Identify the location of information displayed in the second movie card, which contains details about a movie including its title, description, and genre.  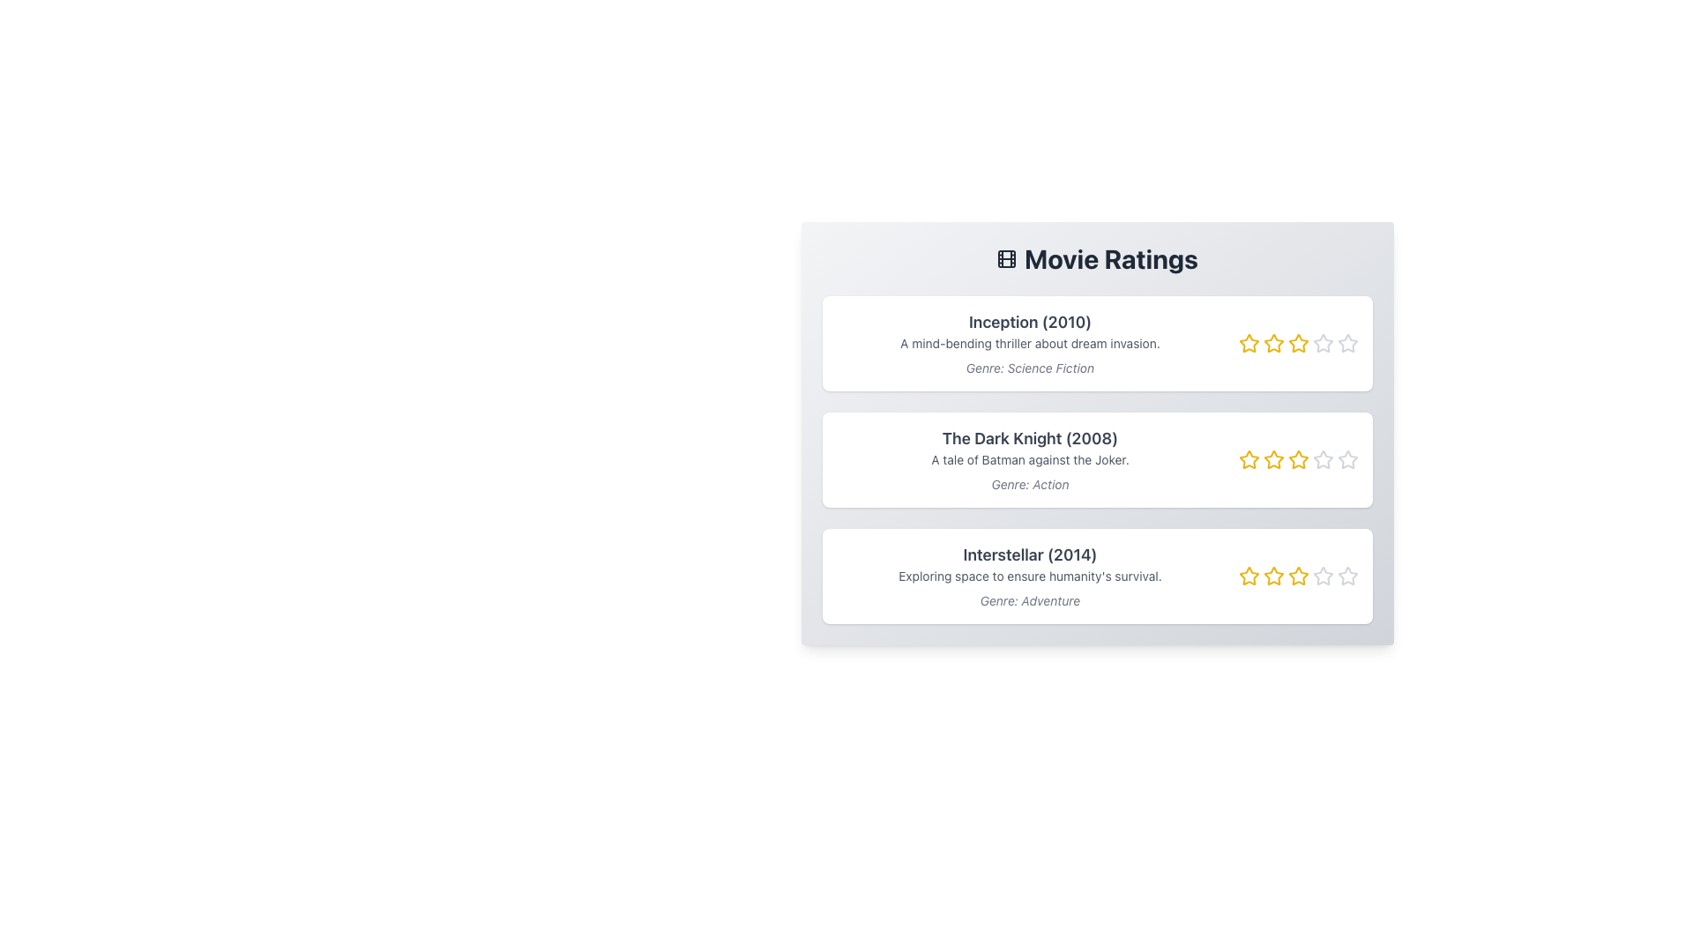
(1030, 458).